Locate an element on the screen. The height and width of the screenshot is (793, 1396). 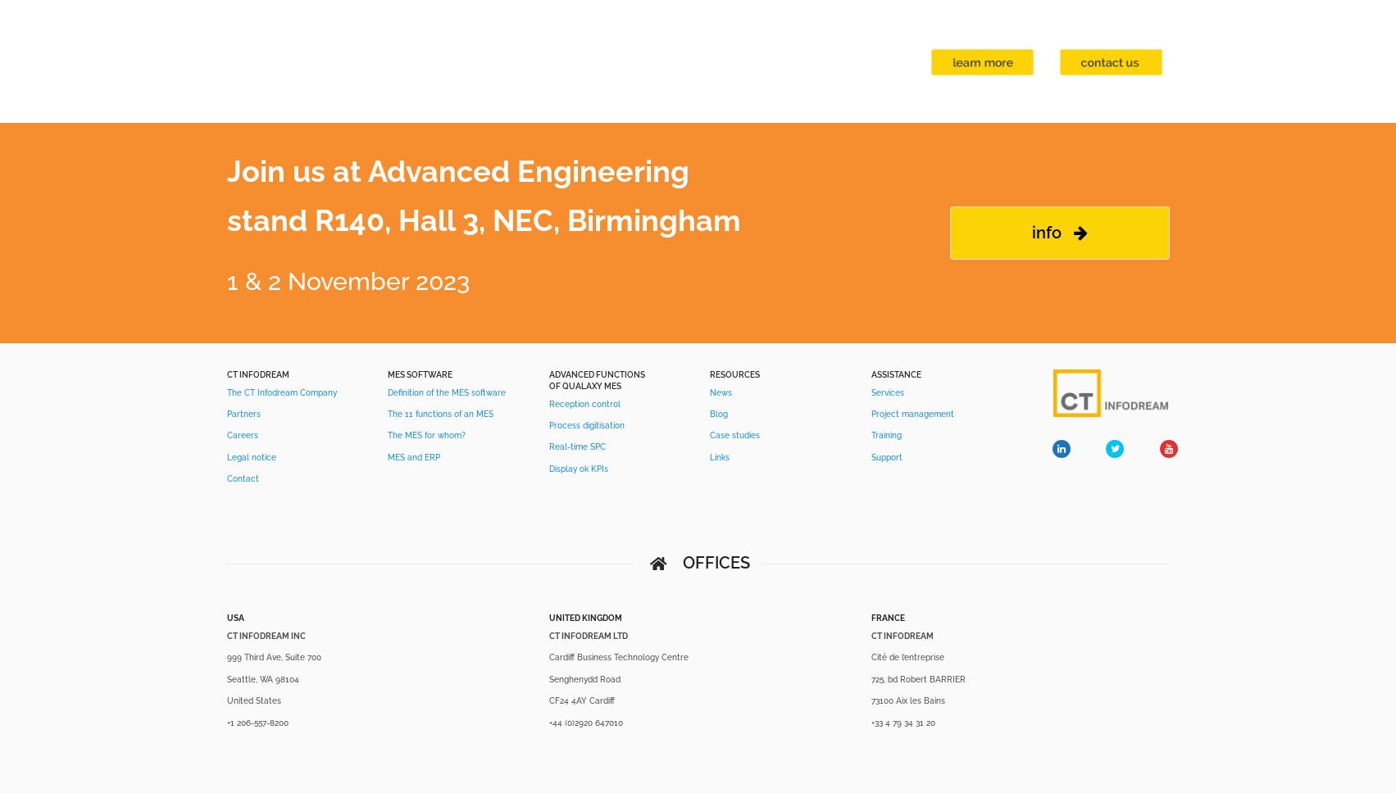
'Display ok KPIs' is located at coordinates (578, 468).